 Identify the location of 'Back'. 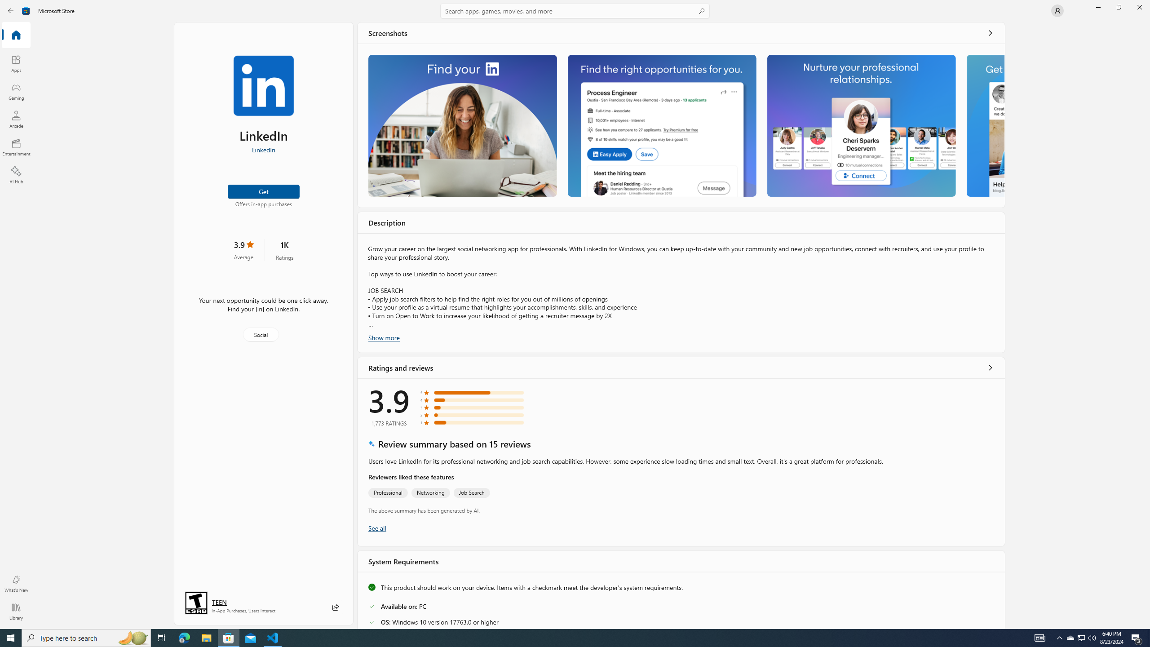
(11, 10).